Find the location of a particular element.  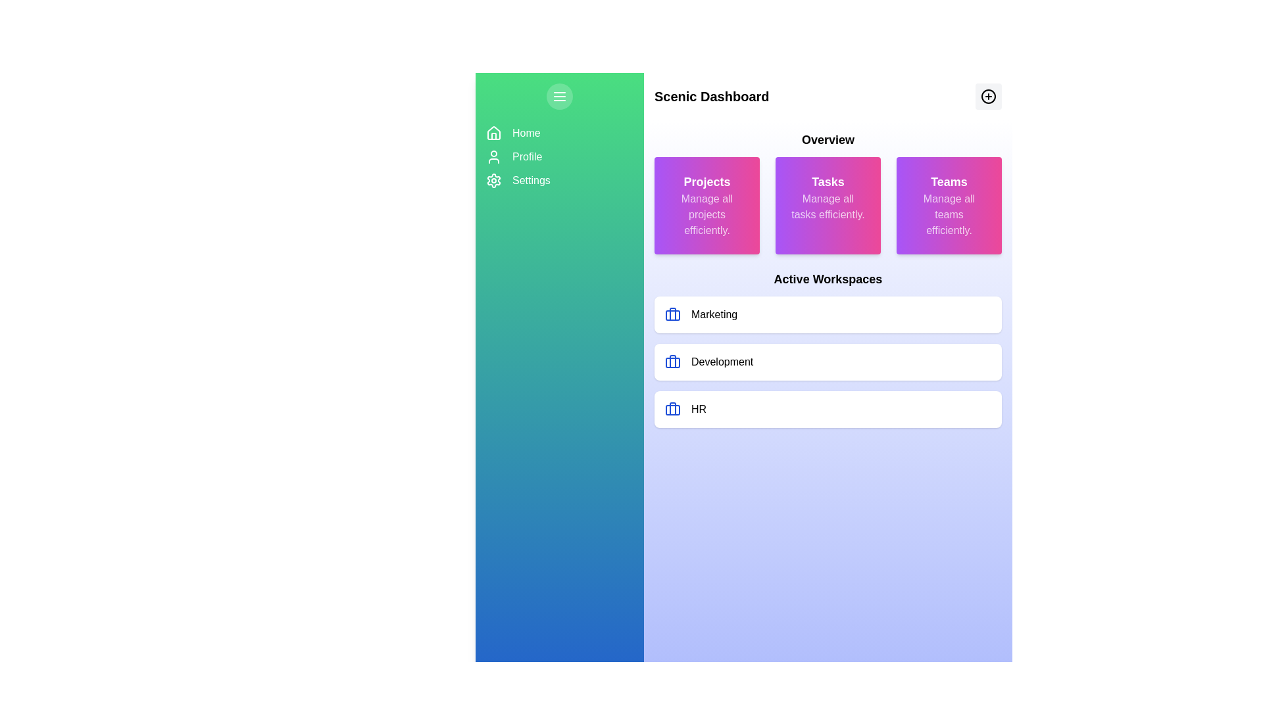

the descriptive text label located below the 'Projects' title within the gradient card component is located at coordinates (706, 214).